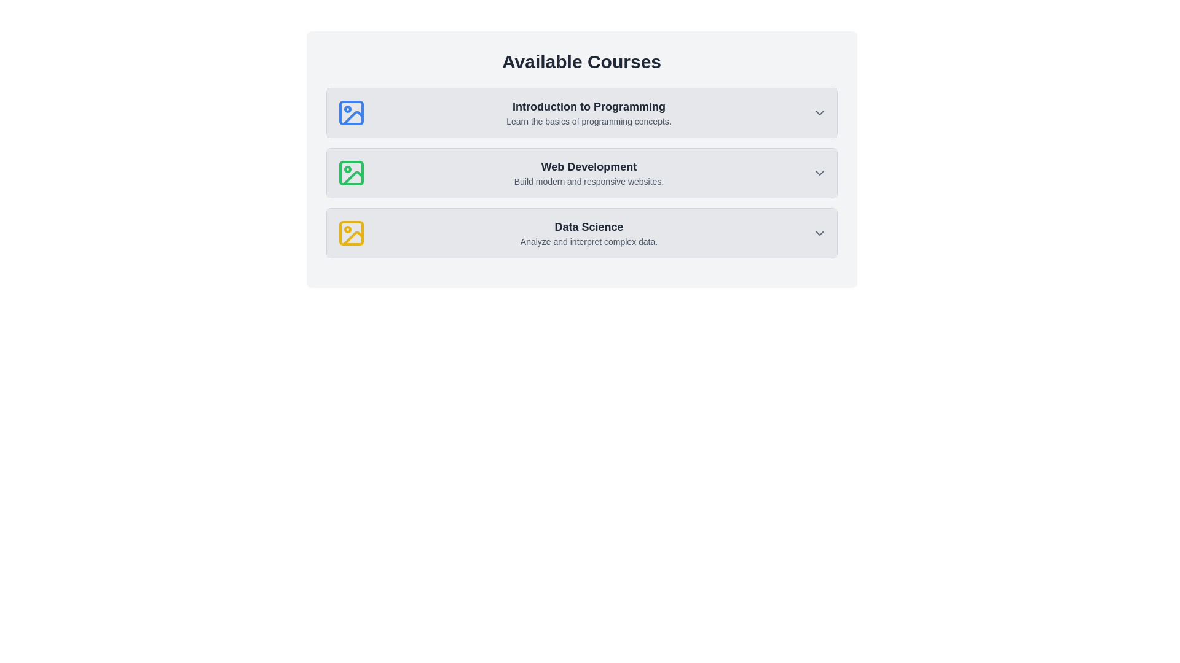 This screenshot has width=1180, height=663. Describe the element at coordinates (588, 233) in the screenshot. I see `the 'Data Science' course selection list item` at that location.